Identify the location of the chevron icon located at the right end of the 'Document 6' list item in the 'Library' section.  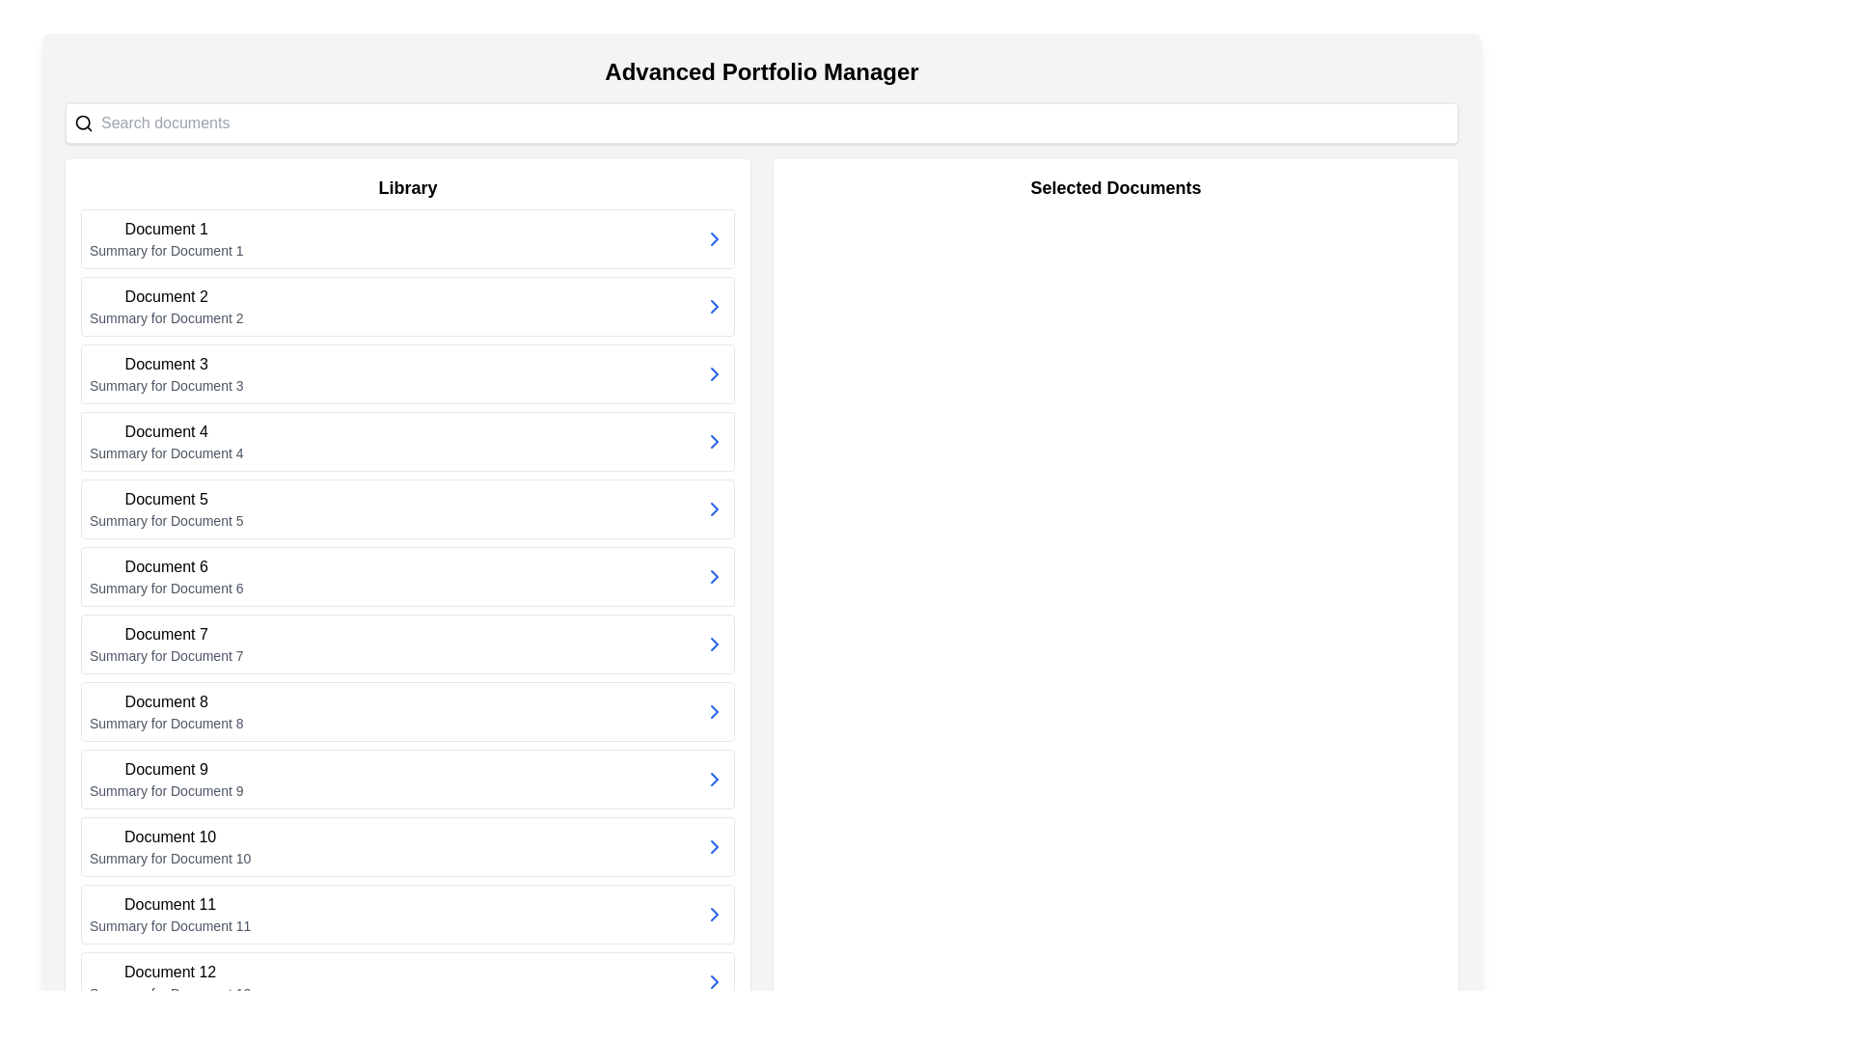
(713, 575).